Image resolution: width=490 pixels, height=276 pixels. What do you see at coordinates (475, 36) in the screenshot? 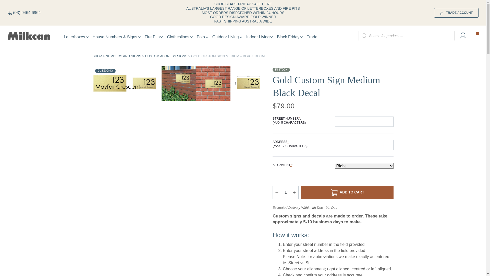
I see `'0'` at bounding box center [475, 36].